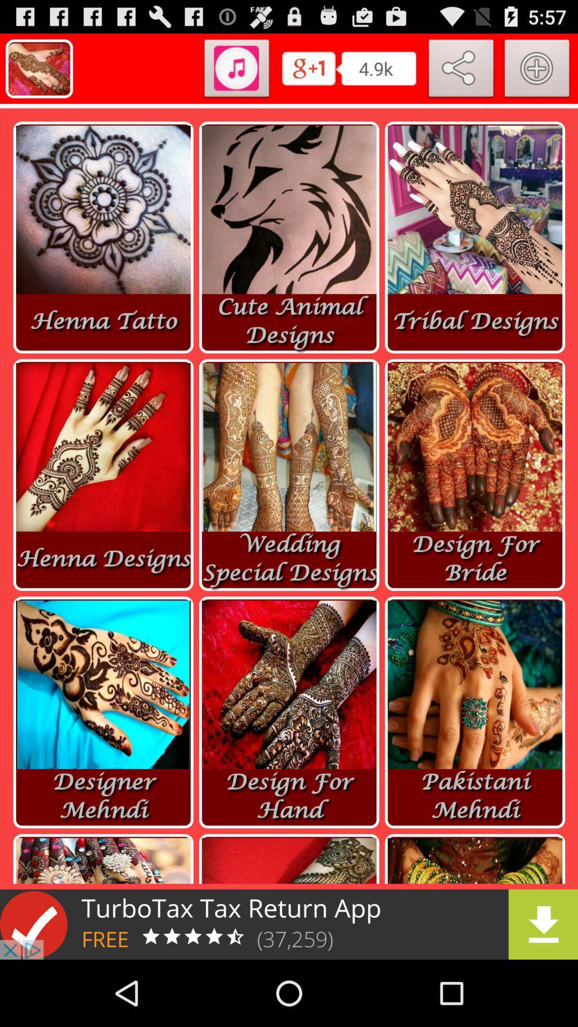 This screenshot has height=1027, width=578. I want to click on share, so click(461, 70).